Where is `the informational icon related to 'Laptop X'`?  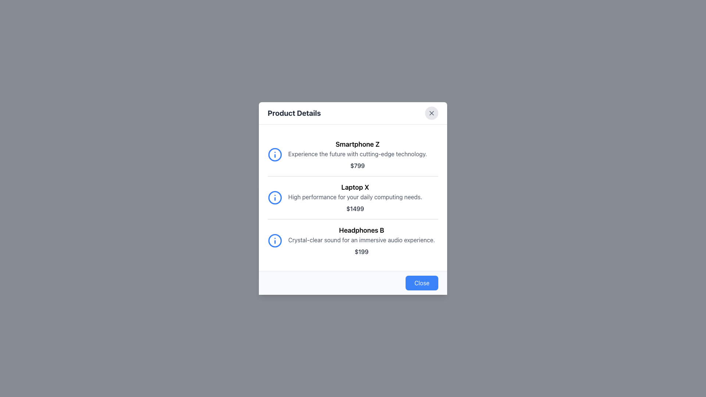 the informational icon related to 'Laptop X' is located at coordinates (275, 197).